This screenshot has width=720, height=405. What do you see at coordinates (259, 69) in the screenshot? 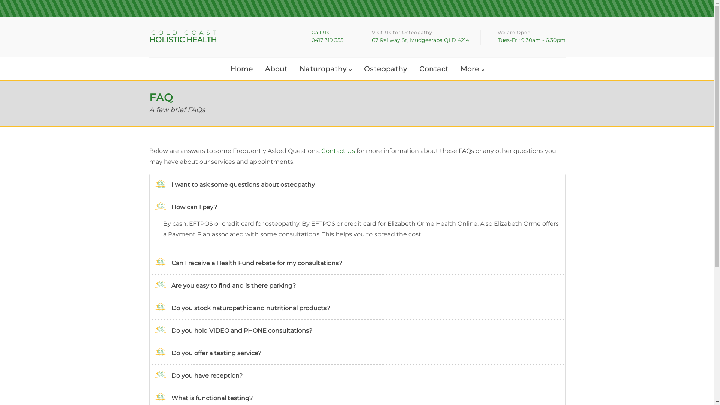
I see `'About'` at bounding box center [259, 69].